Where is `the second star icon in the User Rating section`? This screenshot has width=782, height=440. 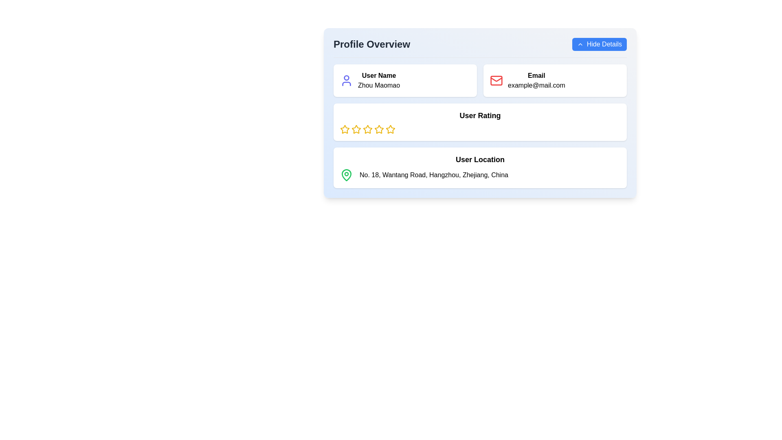
the second star icon in the User Rating section is located at coordinates (367, 129).